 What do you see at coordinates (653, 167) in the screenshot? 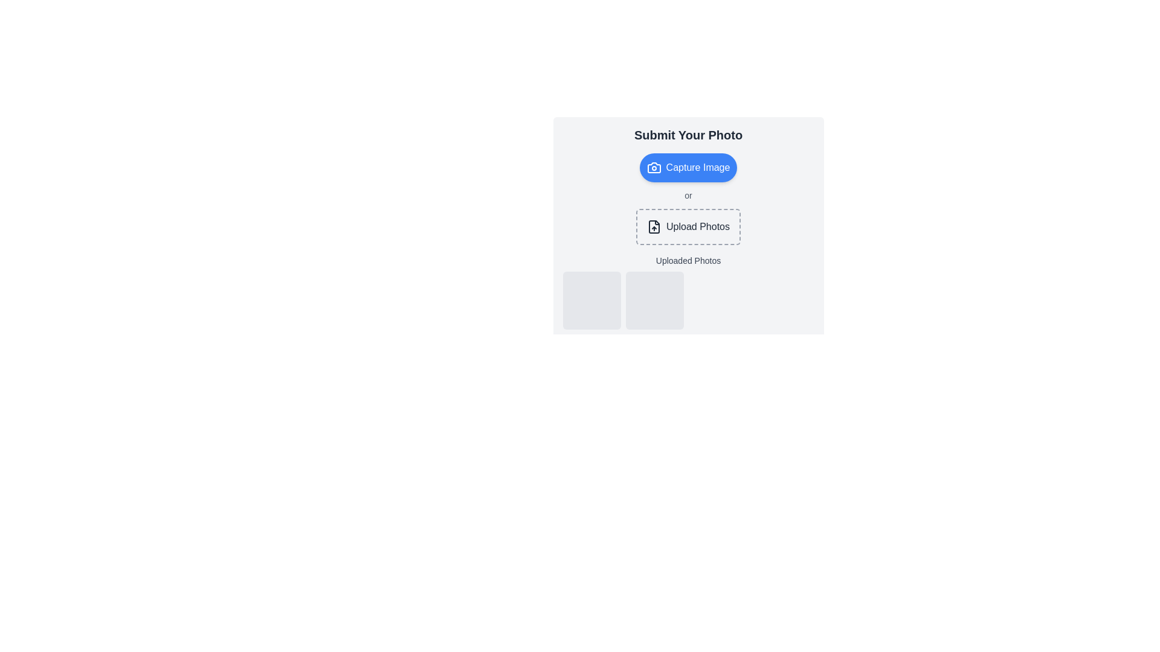
I see `the SVG camera icon located on the left side of the text 'Capture Image' within the blue 'Capture Image' button` at bounding box center [653, 167].